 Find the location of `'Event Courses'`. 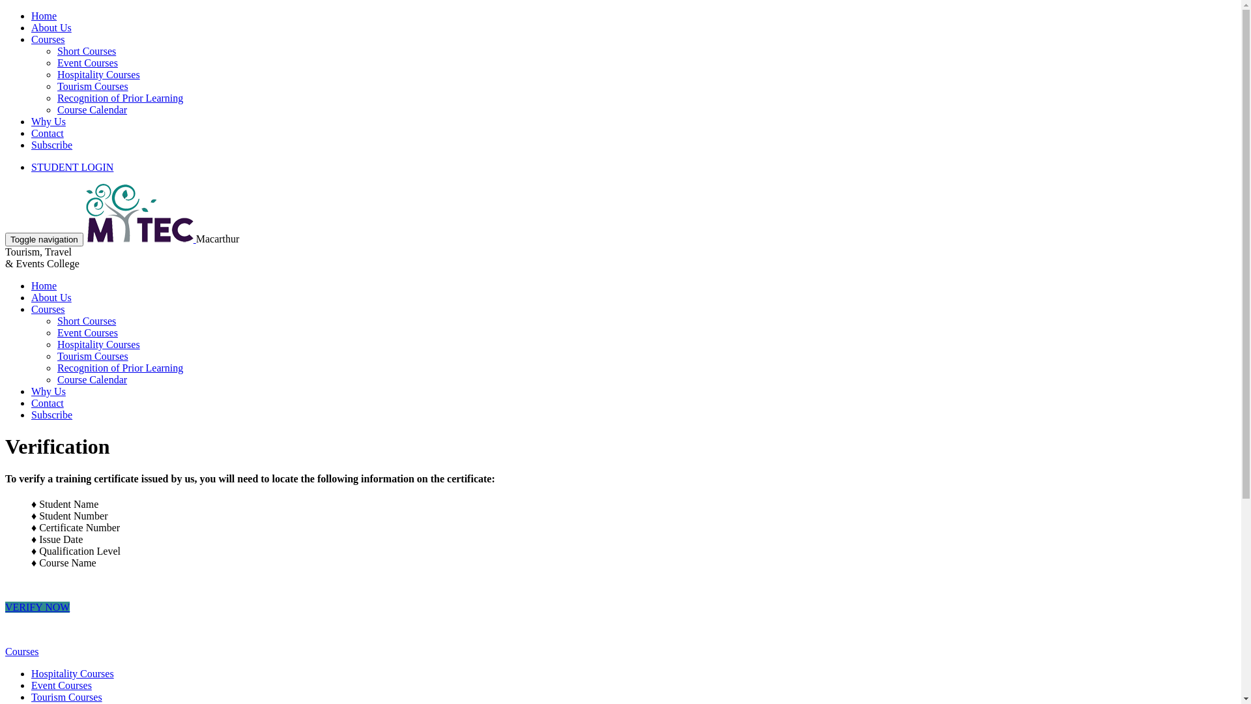

'Event Courses' is located at coordinates (56, 332).